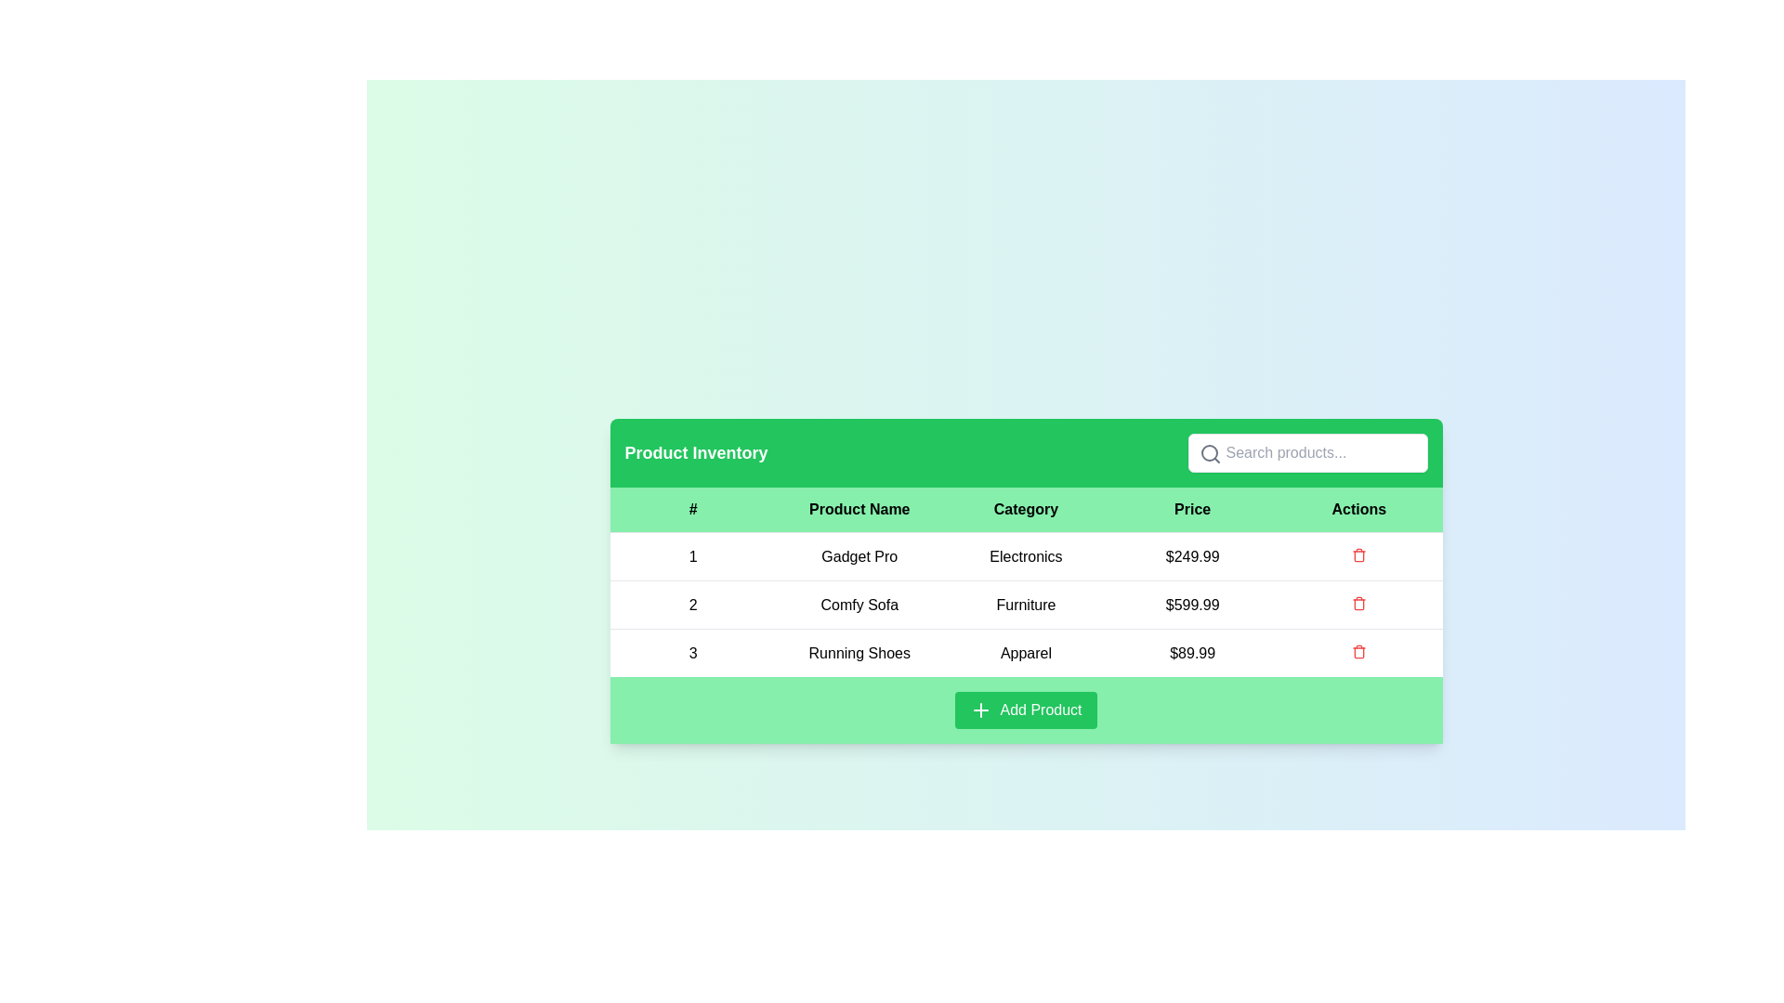 This screenshot has height=1003, width=1784. Describe the element at coordinates (1358, 651) in the screenshot. I see `the delete button located in the bottom row of the 'Actions' column within the table` at that location.